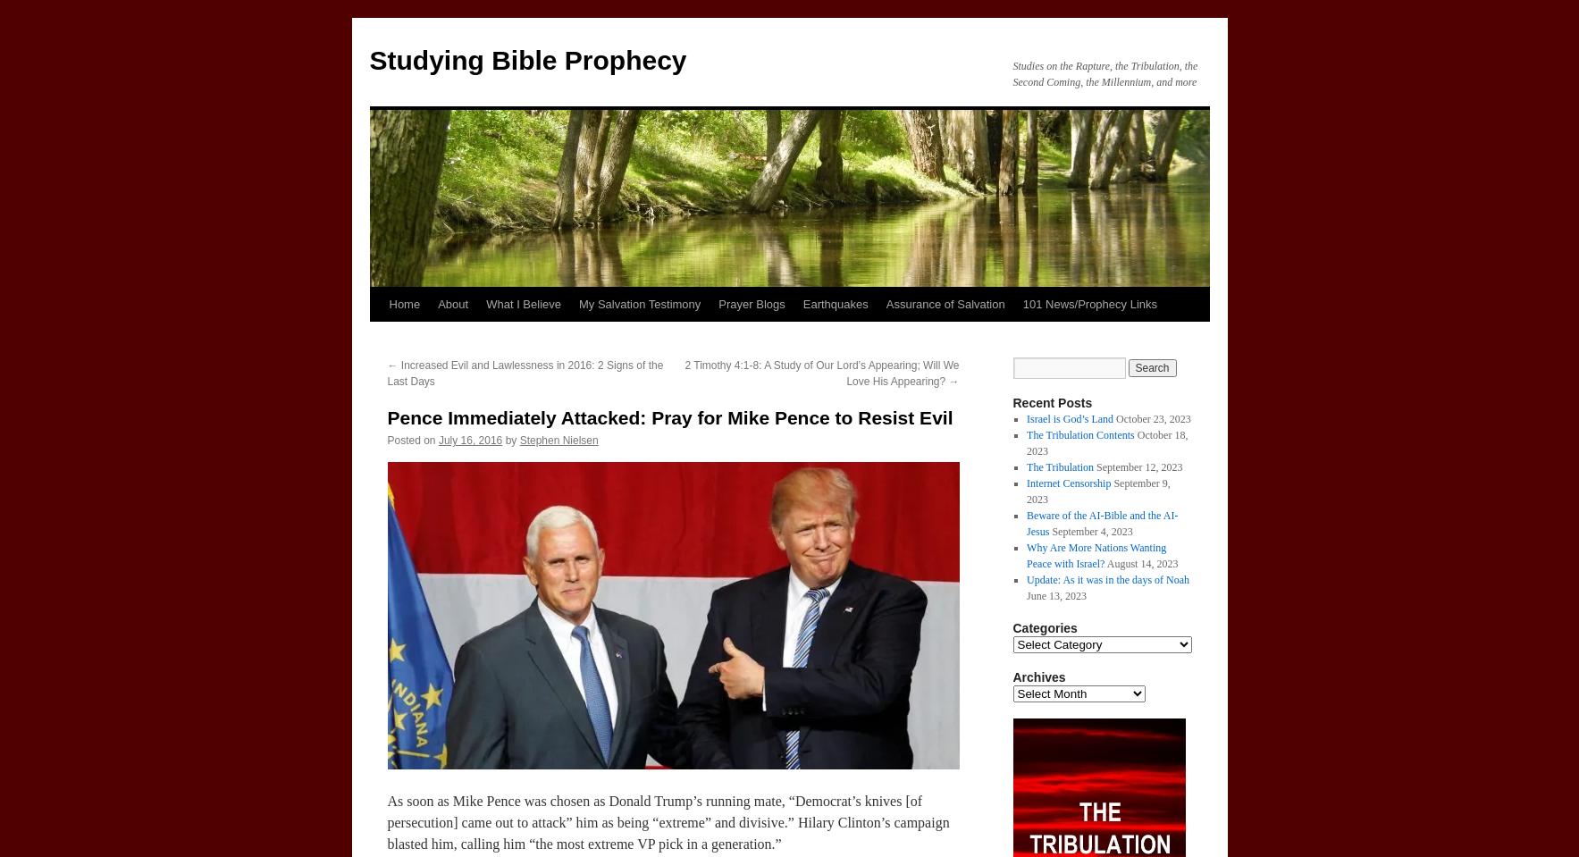  What do you see at coordinates (1069, 418) in the screenshot?
I see `'Israel is God’s Land'` at bounding box center [1069, 418].